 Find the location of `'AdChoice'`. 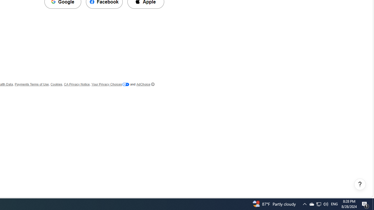

'AdChoice' is located at coordinates (145, 84).